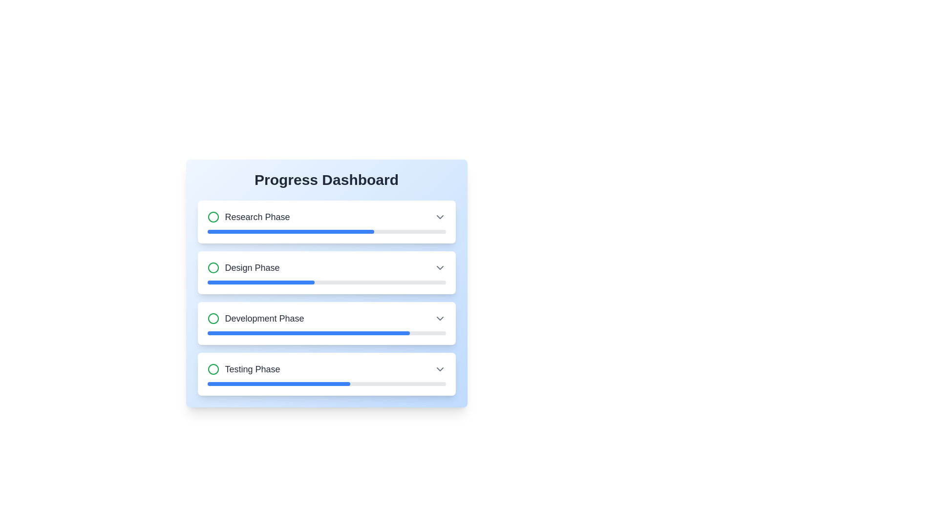 The height and width of the screenshot is (527, 938). Describe the element at coordinates (213, 267) in the screenshot. I see `circular status marker indicating the 'Design Phase' in the Progress Dashboard for its properties` at that location.